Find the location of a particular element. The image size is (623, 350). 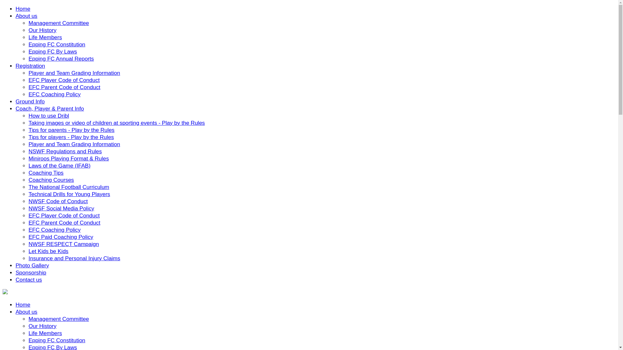

'About us' is located at coordinates (16, 311).